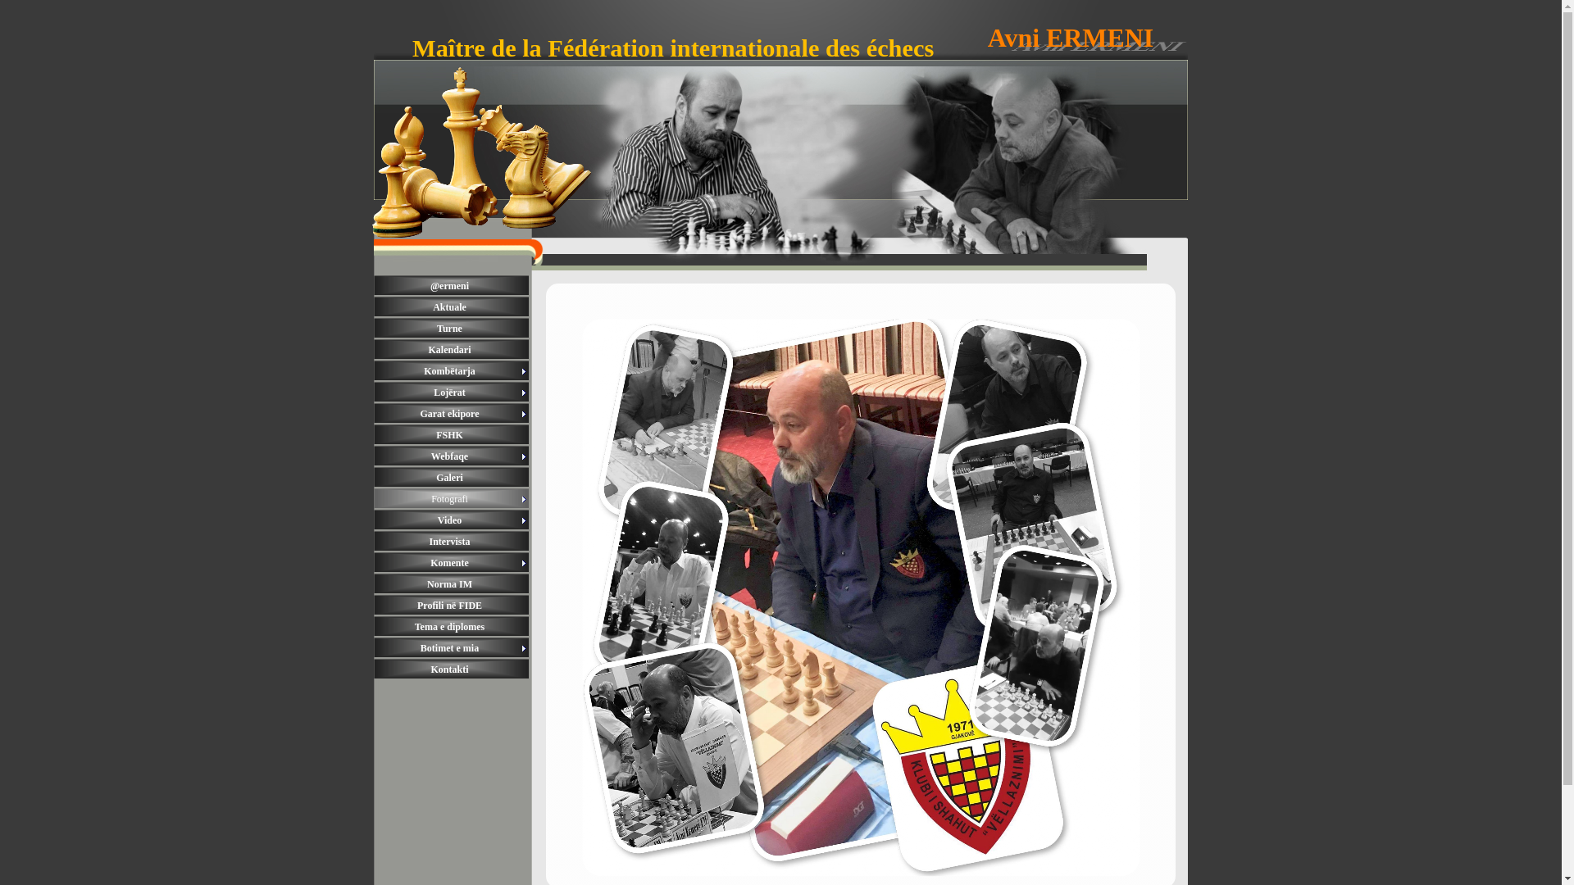 The image size is (1574, 885). What do you see at coordinates (373, 477) in the screenshot?
I see `'Galeri'` at bounding box center [373, 477].